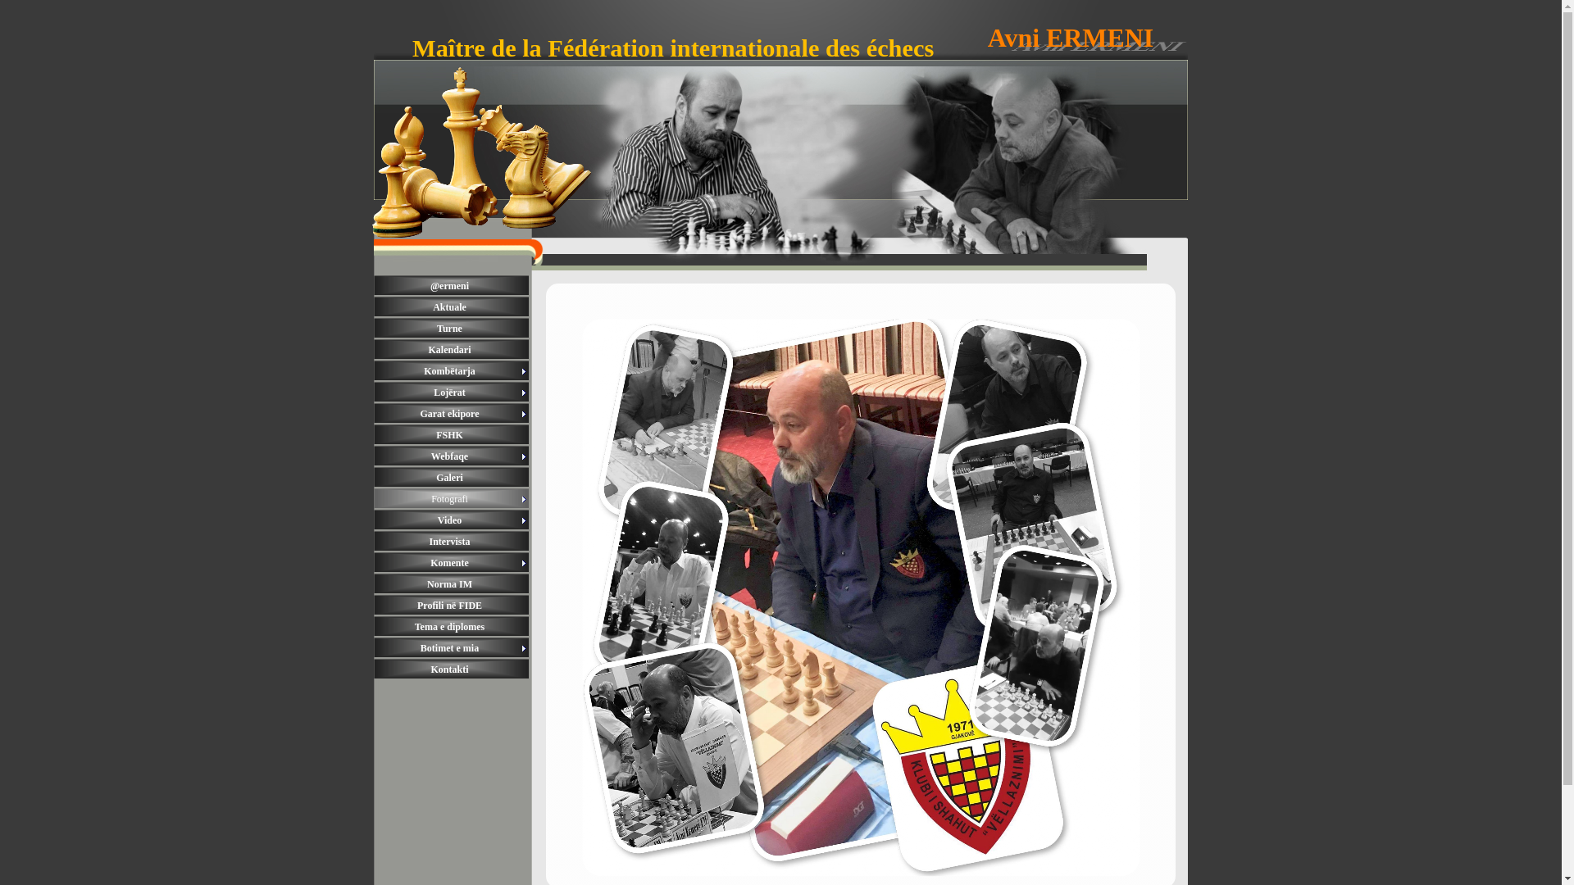 The image size is (1574, 885). What do you see at coordinates (373, 477) in the screenshot?
I see `'Galeri'` at bounding box center [373, 477].